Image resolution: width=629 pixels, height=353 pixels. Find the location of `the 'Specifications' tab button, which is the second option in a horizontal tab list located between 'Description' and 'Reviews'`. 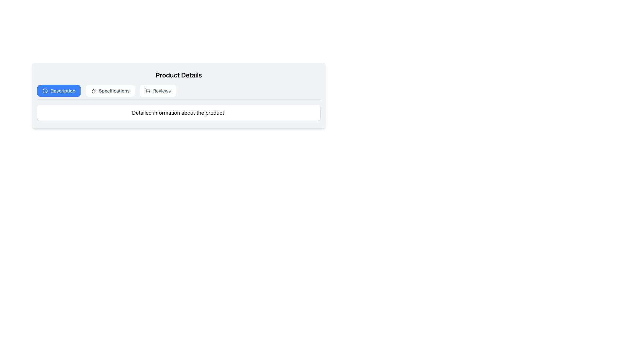

the 'Specifications' tab button, which is the second option in a horizontal tab list located between 'Description' and 'Reviews' is located at coordinates (110, 91).